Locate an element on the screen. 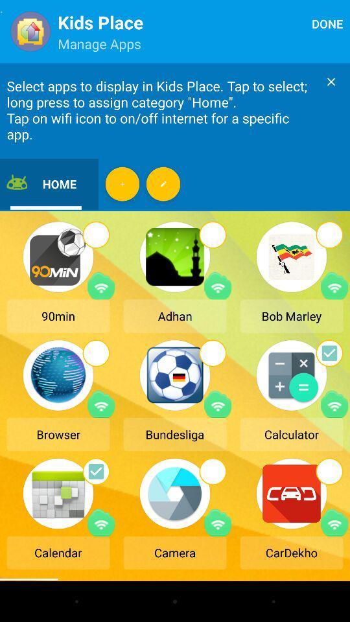 This screenshot has width=350, height=622. the circle image above the browser is located at coordinates (95, 352).